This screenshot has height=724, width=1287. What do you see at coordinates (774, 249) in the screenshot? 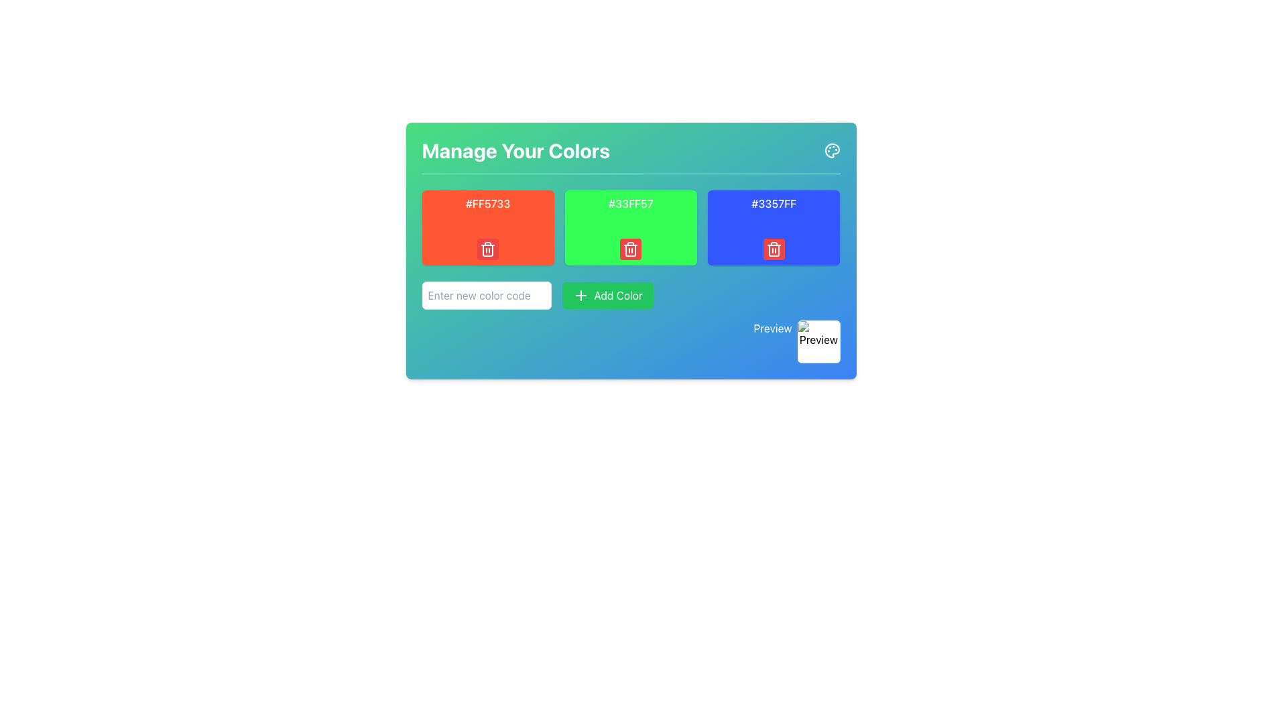
I see `the delete icon button located inside the third box of color codes, associated with the color code #3357FF, under the 'Manage Your Colors' heading` at bounding box center [774, 249].